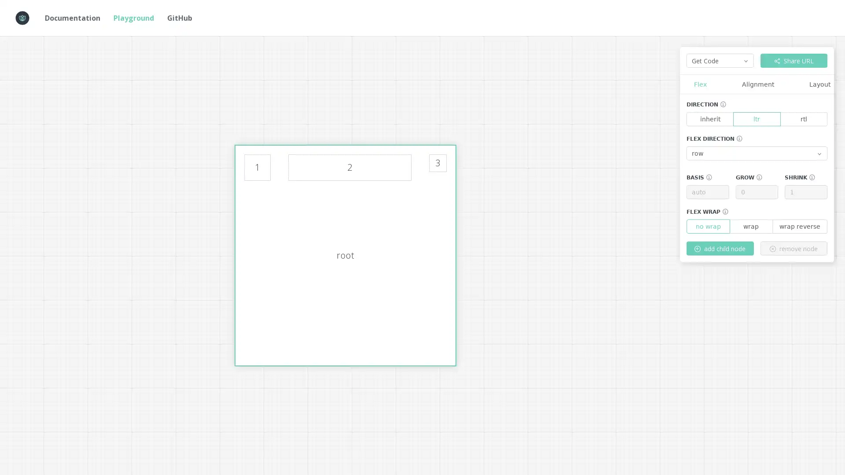 The width and height of the screenshot is (845, 475). I want to click on Get Code, so click(720, 60).